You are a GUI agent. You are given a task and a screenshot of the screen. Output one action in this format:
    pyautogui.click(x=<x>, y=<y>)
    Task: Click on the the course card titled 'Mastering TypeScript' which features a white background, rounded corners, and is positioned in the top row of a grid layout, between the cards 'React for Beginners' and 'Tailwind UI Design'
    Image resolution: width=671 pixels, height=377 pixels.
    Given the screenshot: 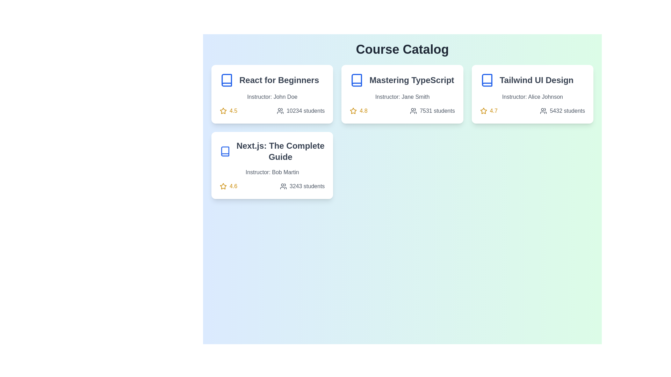 What is the action you would take?
    pyautogui.click(x=402, y=94)
    